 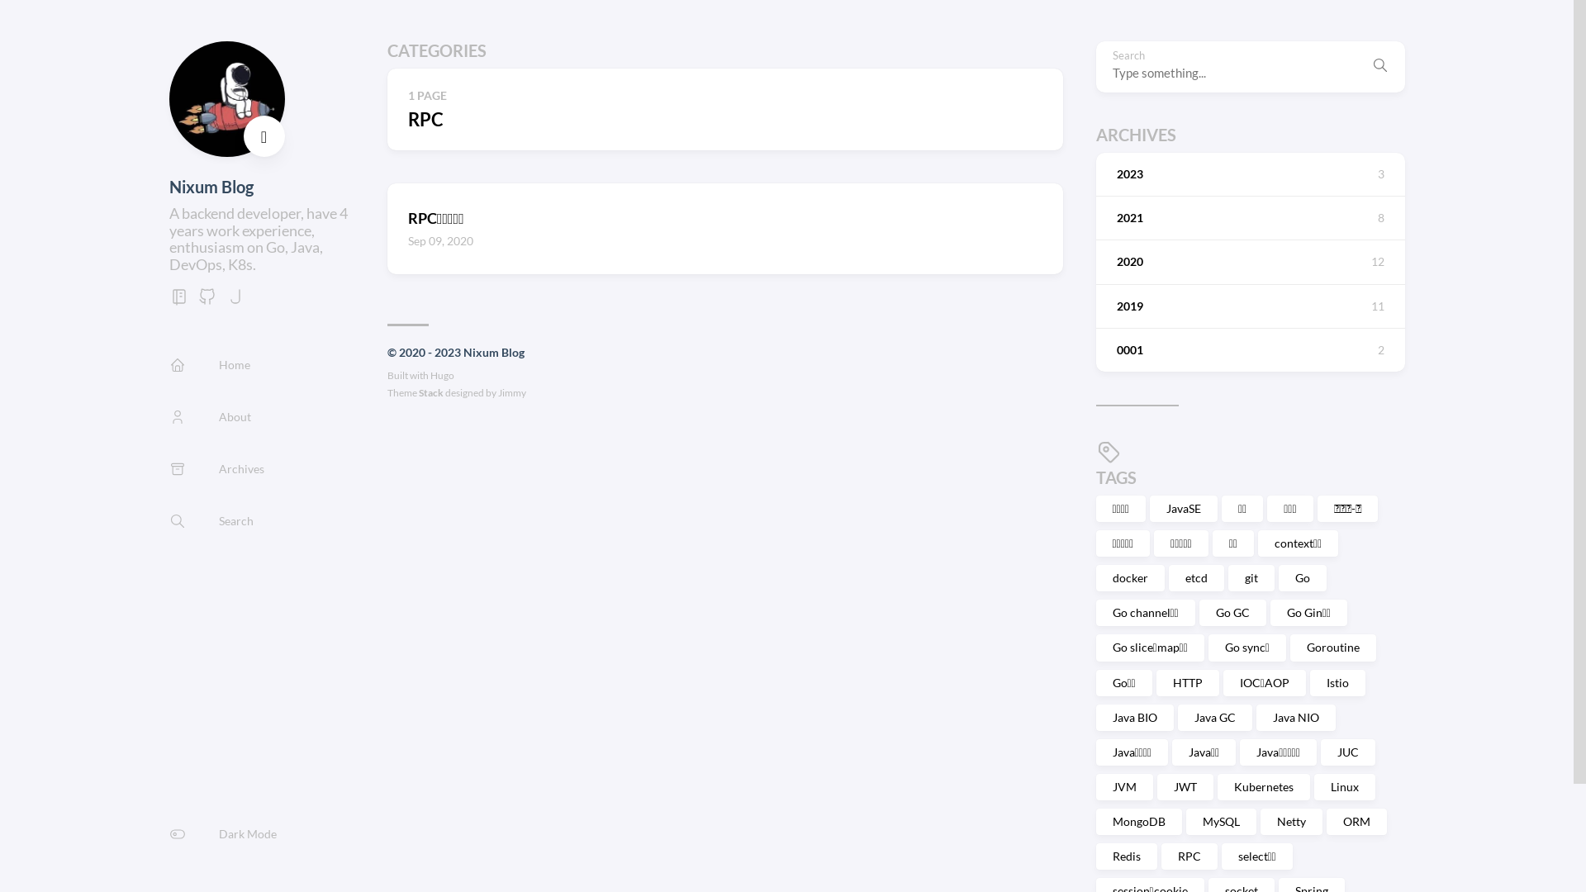 What do you see at coordinates (1263, 785) in the screenshot?
I see `'Kubernetes'` at bounding box center [1263, 785].